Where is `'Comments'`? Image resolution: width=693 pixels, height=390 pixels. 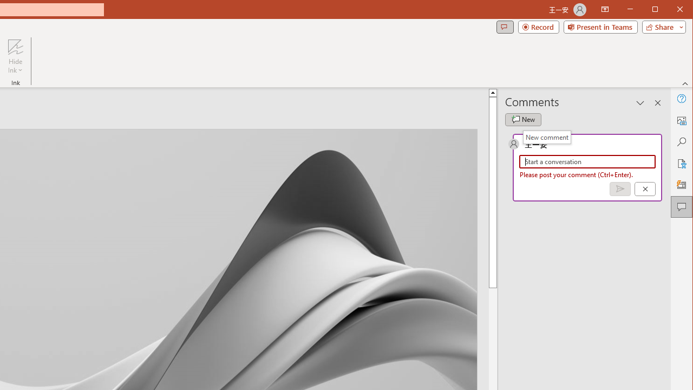 'Comments' is located at coordinates (504, 27).